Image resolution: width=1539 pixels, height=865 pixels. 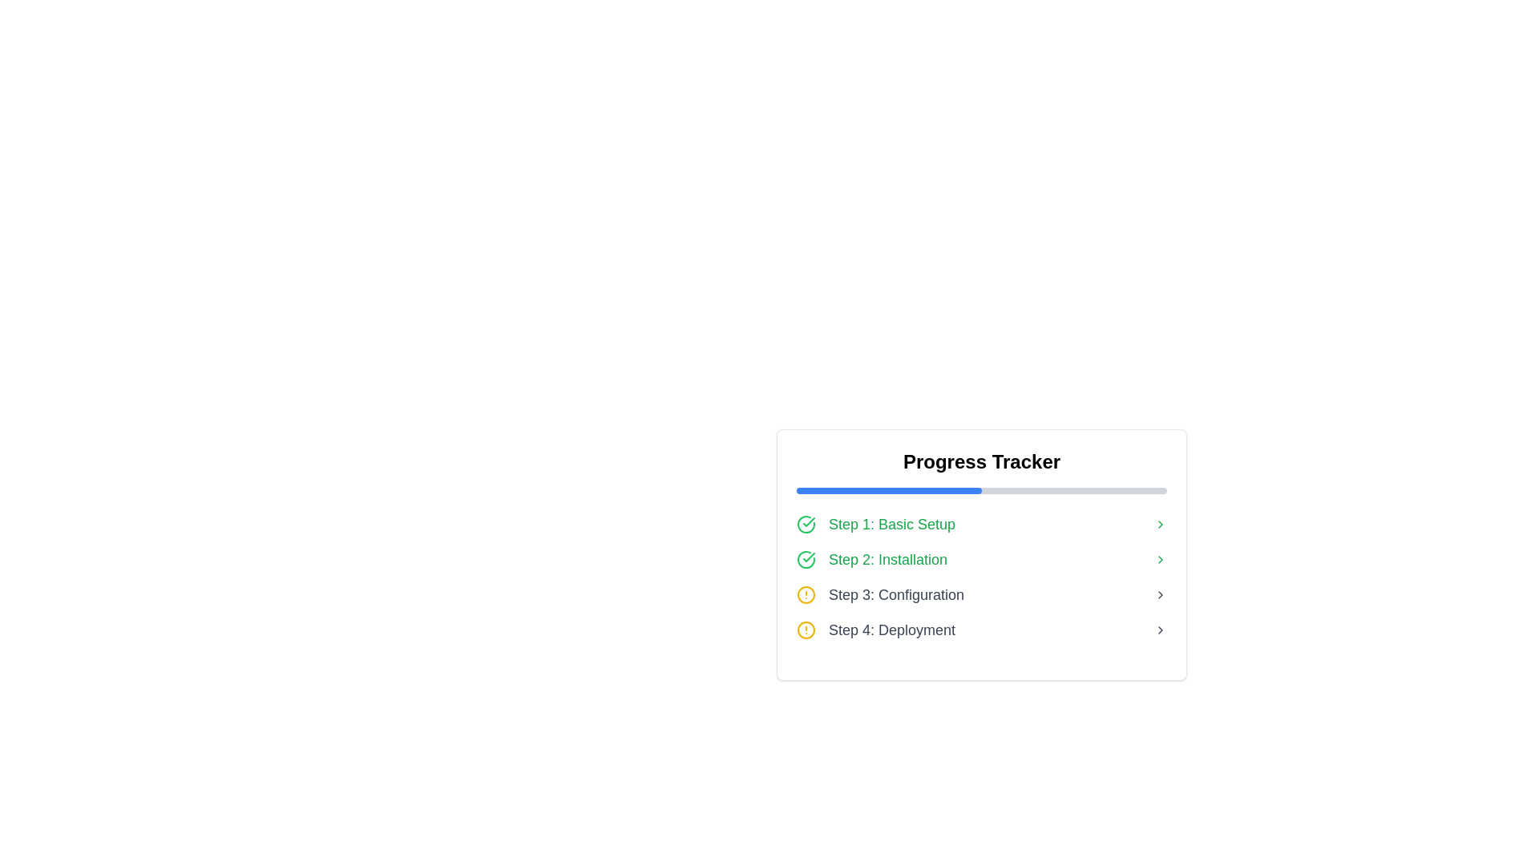 I want to click on the SVG checkmark icon indicating the successful completion of Step 2 within the progress tracker interface, so click(x=809, y=556).